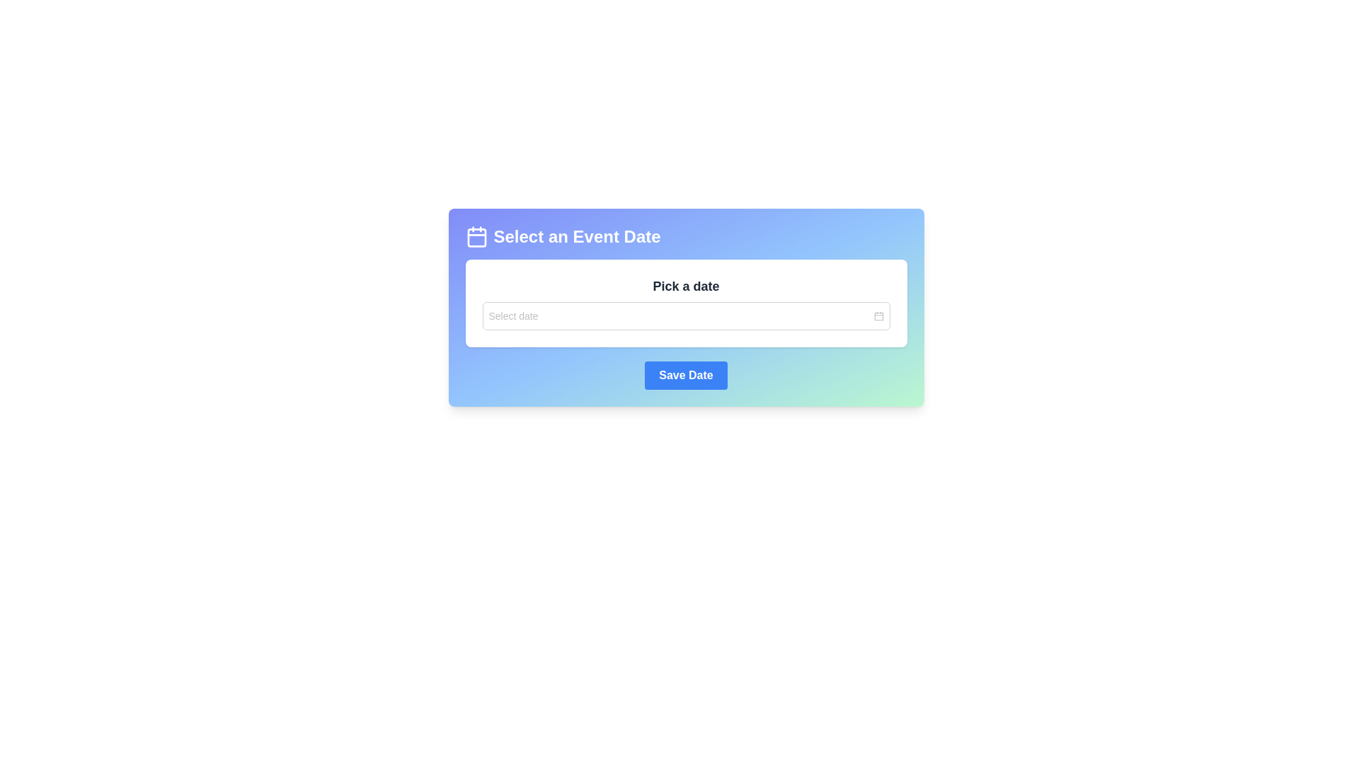 This screenshot has width=1359, height=764. I want to click on the static text element that reads 'Pick a date', which is styled with a large bold font in black color, located inside a white box with rounded corners, positioned above the date input field, so click(686, 286).